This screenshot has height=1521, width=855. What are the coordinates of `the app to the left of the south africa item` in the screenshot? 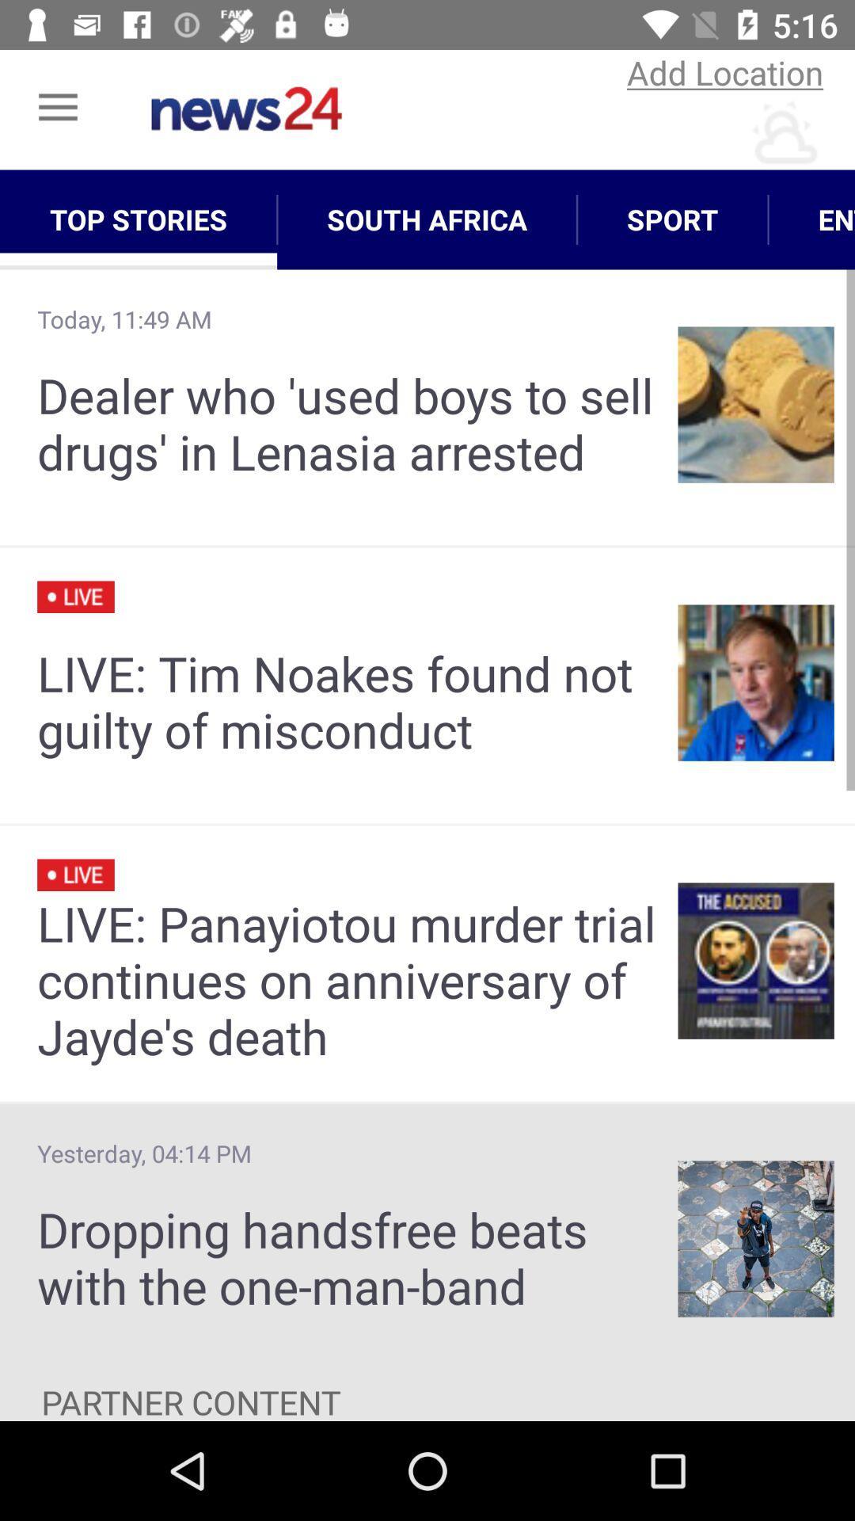 It's located at (138, 219).